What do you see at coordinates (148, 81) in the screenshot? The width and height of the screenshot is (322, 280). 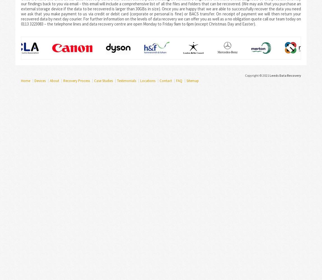 I see `'Locations'` at bounding box center [148, 81].